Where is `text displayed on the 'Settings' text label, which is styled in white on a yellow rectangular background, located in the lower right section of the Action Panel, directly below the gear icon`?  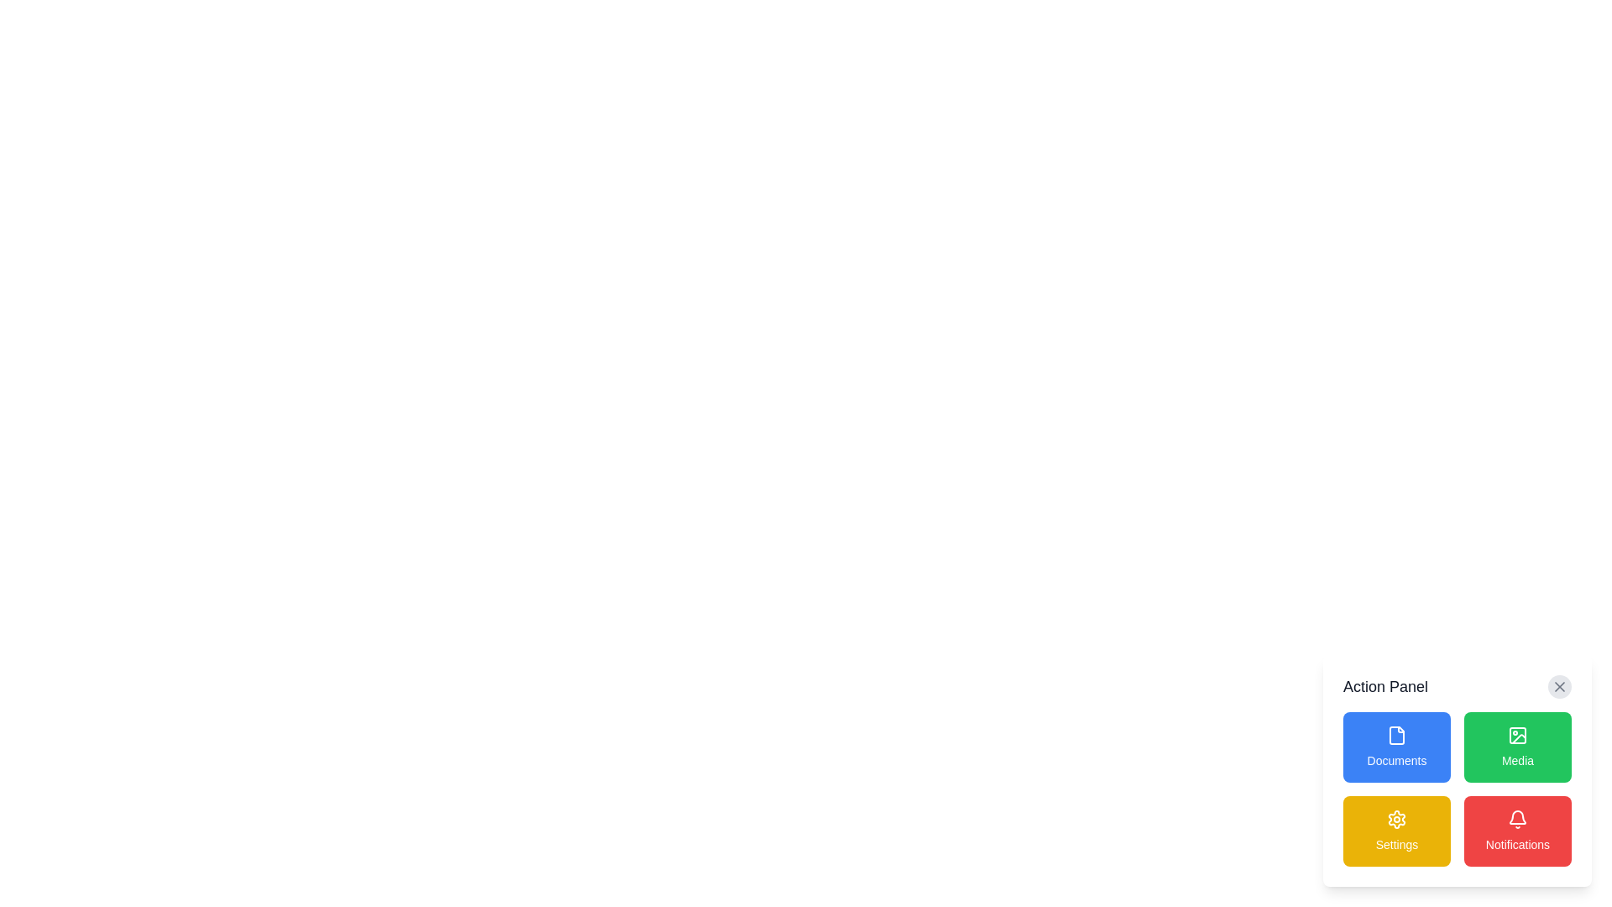
text displayed on the 'Settings' text label, which is styled in white on a yellow rectangular background, located in the lower right section of the Action Panel, directly below the gear icon is located at coordinates (1397, 845).